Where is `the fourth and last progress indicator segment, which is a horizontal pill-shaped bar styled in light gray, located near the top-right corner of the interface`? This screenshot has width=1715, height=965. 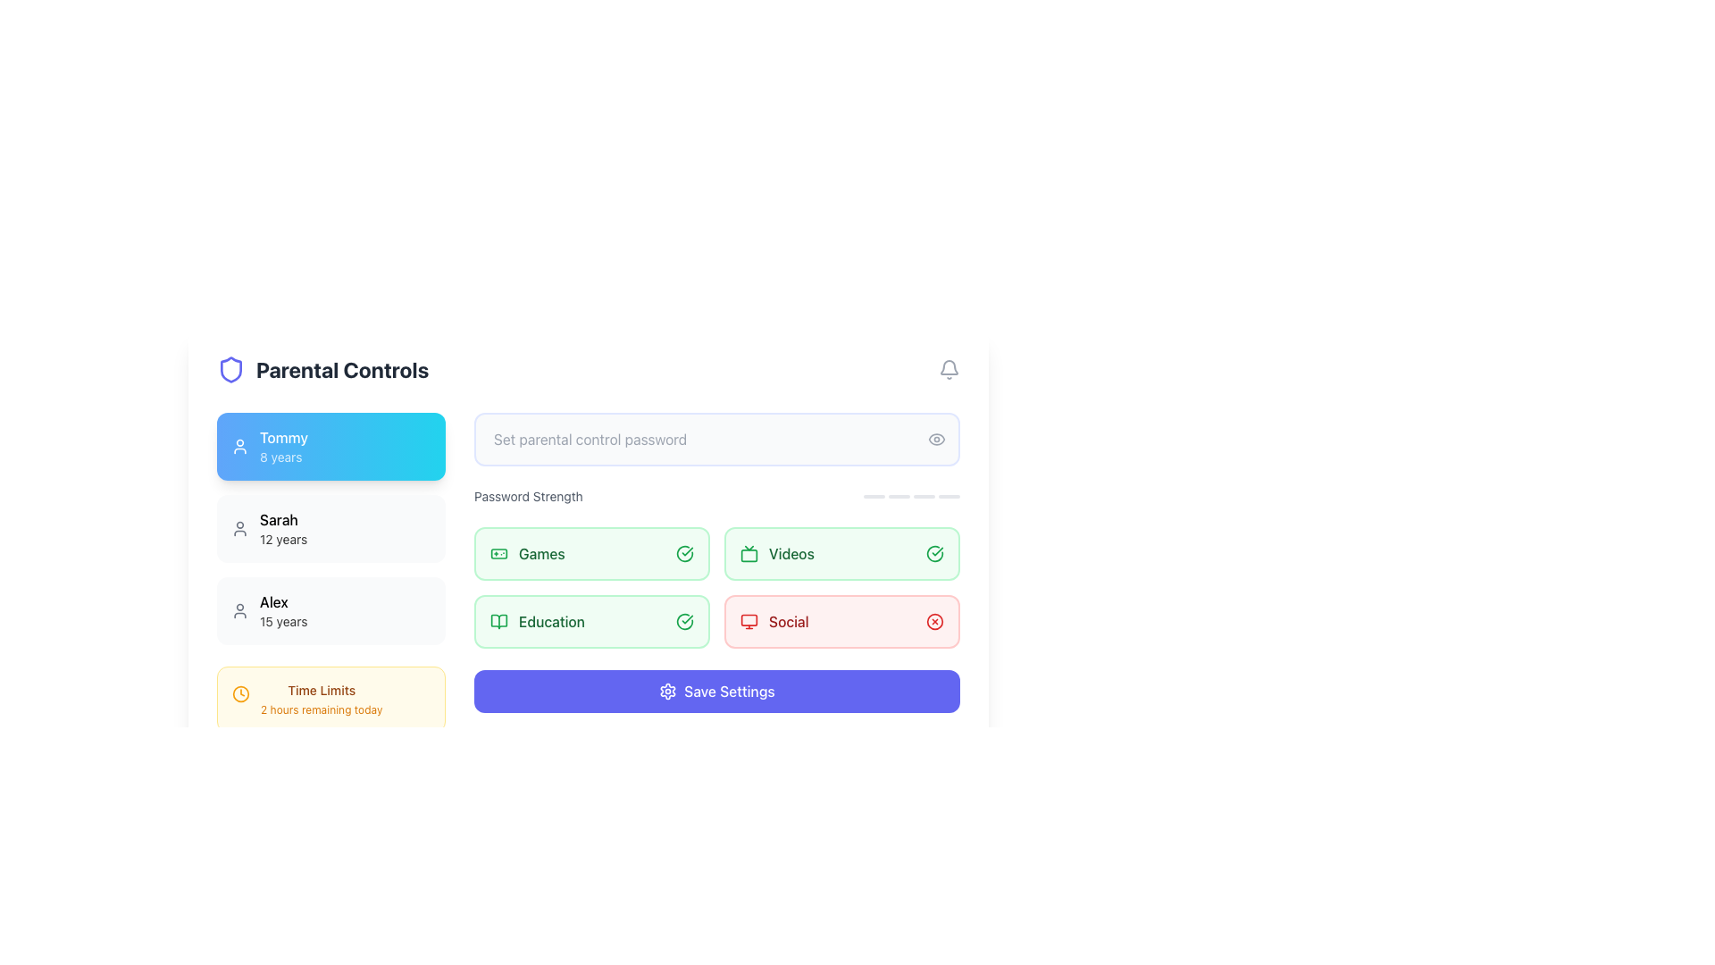
the fourth and last progress indicator segment, which is a horizontal pill-shaped bar styled in light gray, located near the top-right corner of the interface is located at coordinates (948, 496).